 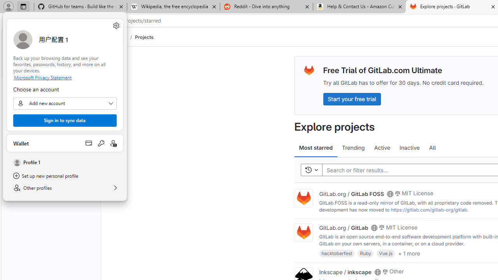 What do you see at coordinates (337, 253) in the screenshot?
I see `'hacktoberfest'` at bounding box center [337, 253].